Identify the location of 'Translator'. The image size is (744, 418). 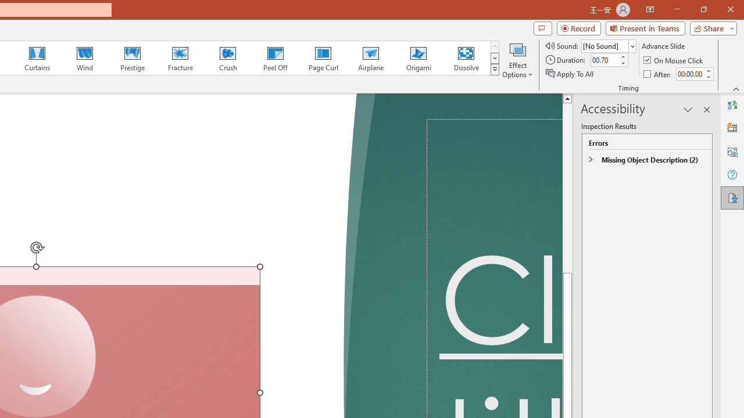
(732, 105).